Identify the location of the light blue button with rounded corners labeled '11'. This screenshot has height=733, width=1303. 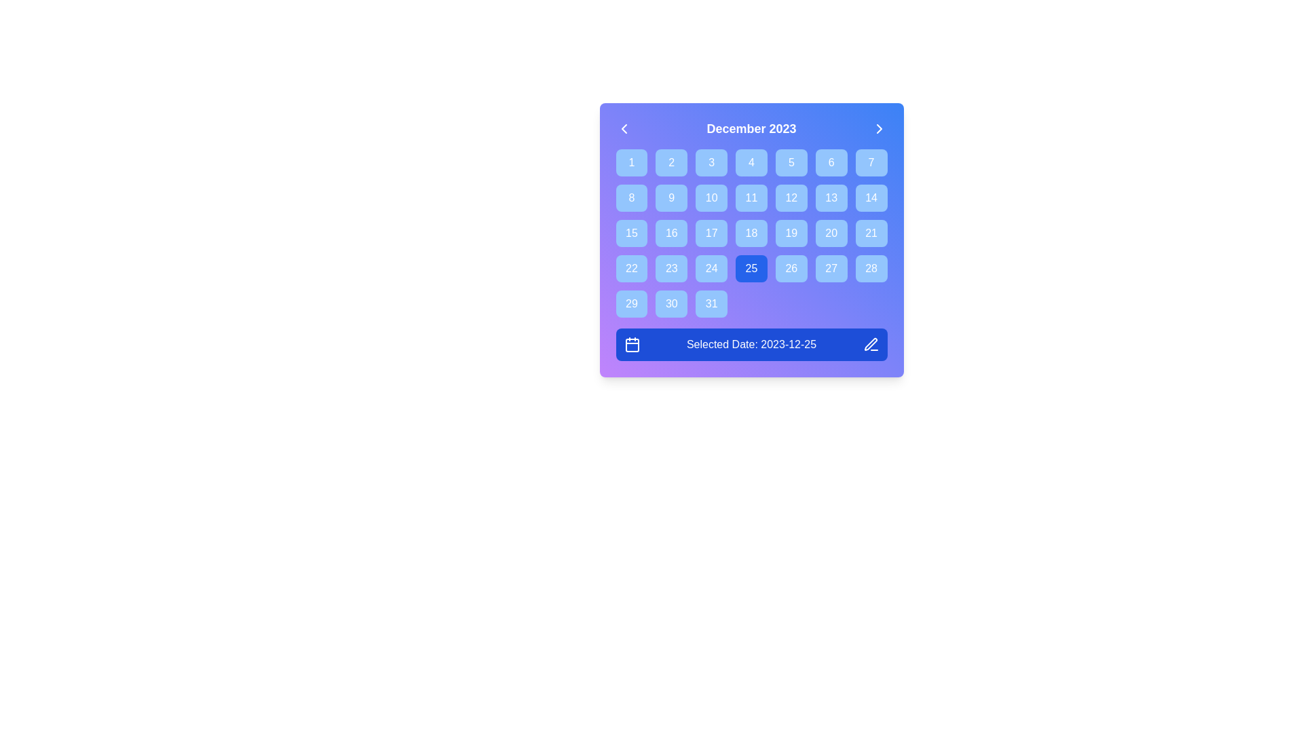
(751, 198).